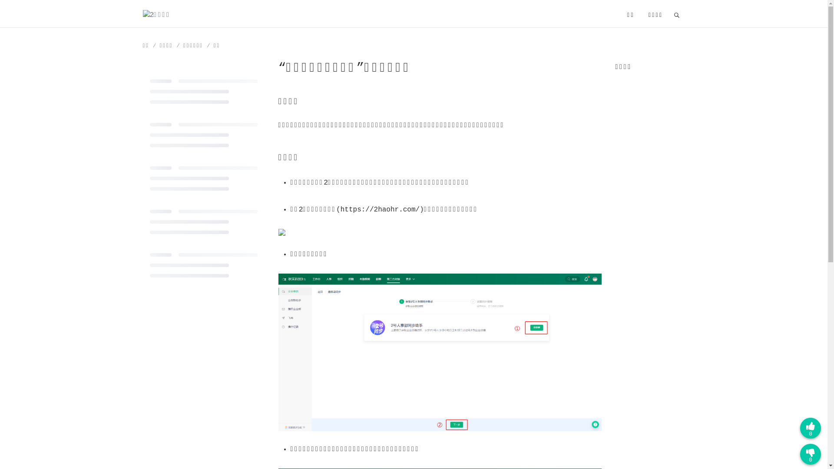  I want to click on '0', so click(810, 428).